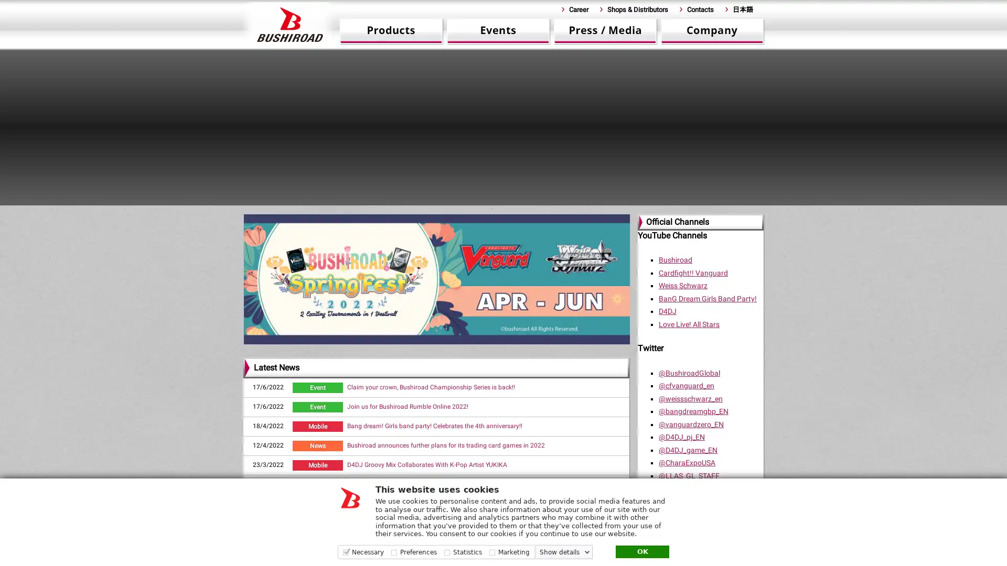  What do you see at coordinates (590, 201) in the screenshot?
I see `14` at bounding box center [590, 201].